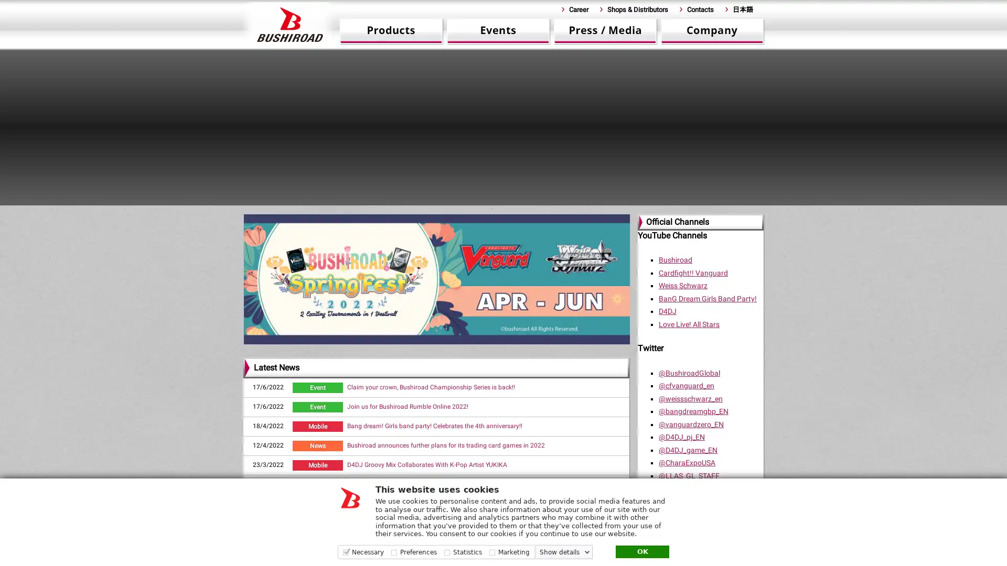  What do you see at coordinates (590, 201) in the screenshot?
I see `14` at bounding box center [590, 201].